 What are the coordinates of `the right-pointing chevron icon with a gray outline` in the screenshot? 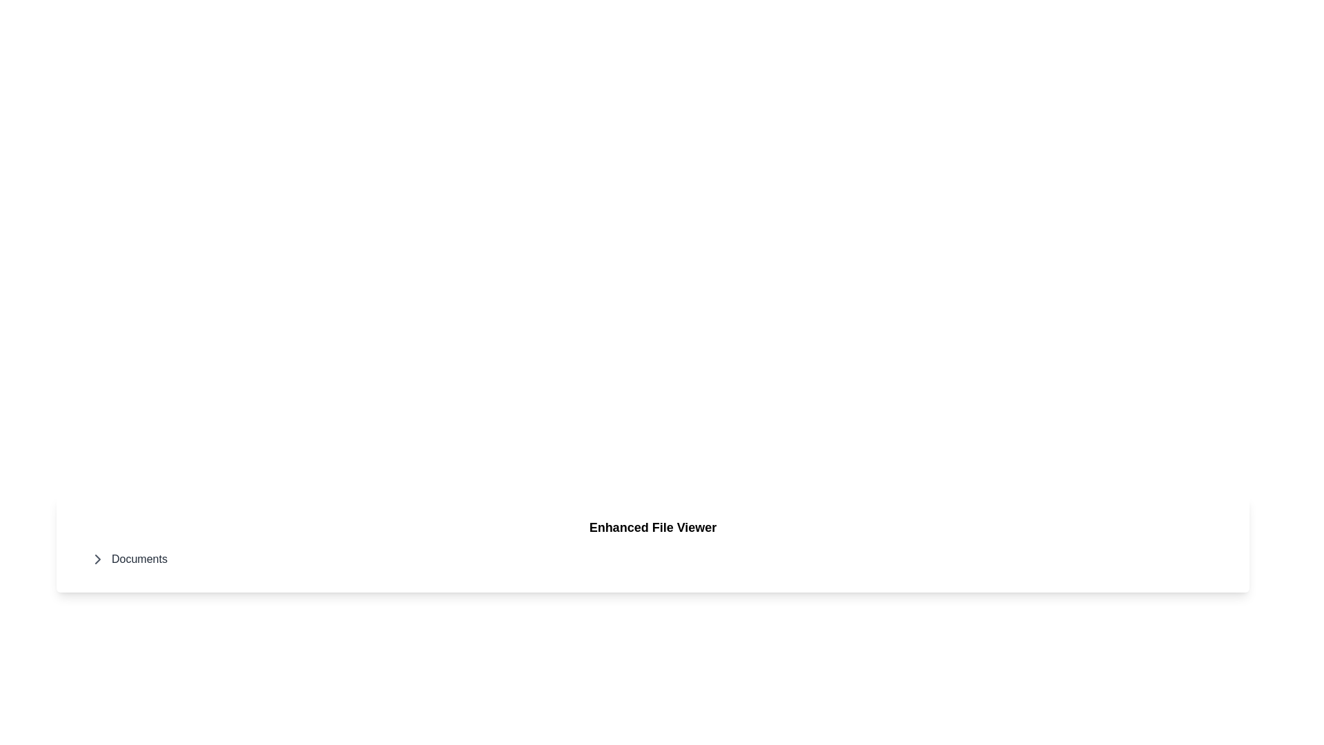 It's located at (97, 559).